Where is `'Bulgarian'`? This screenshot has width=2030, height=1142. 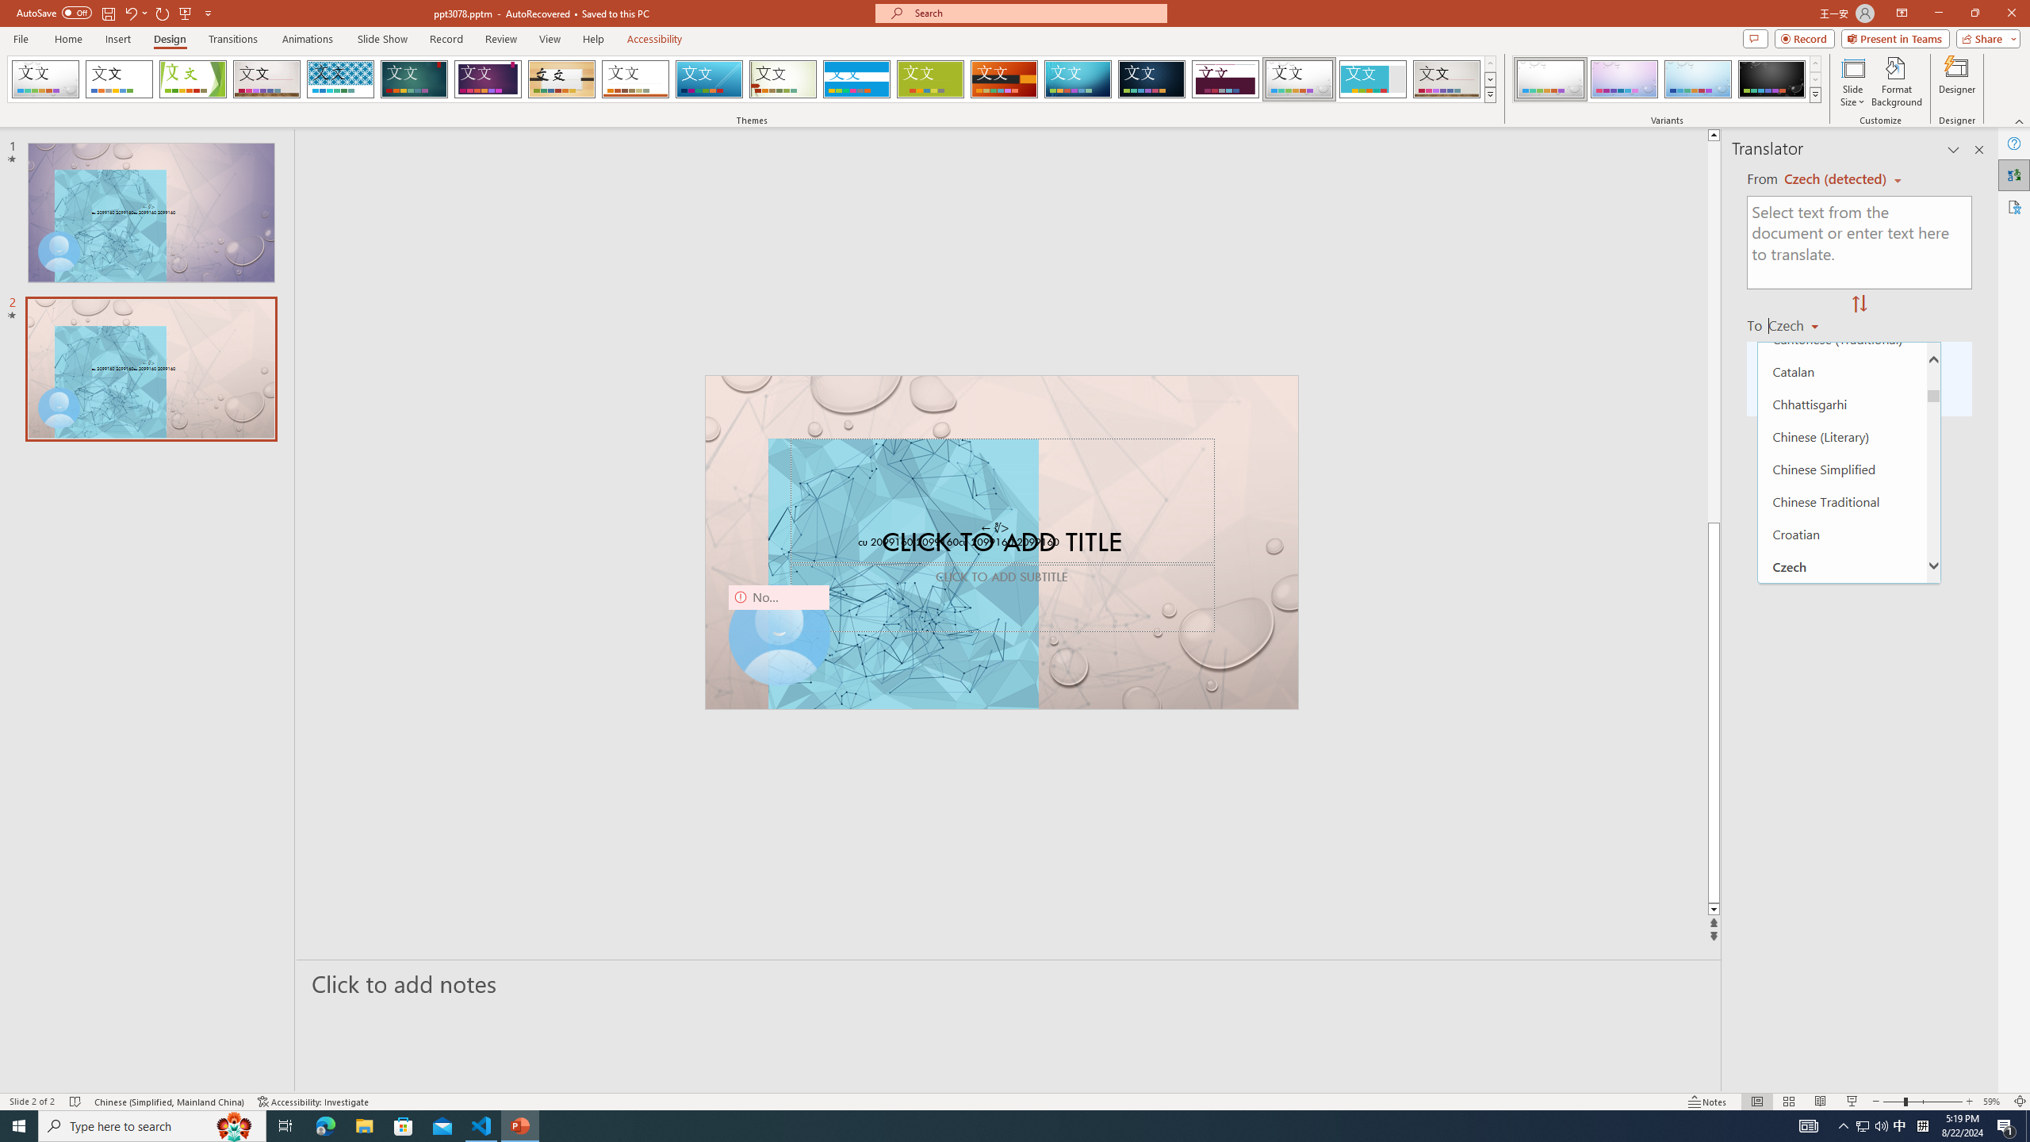 'Bulgarian' is located at coordinates (1842, 306).